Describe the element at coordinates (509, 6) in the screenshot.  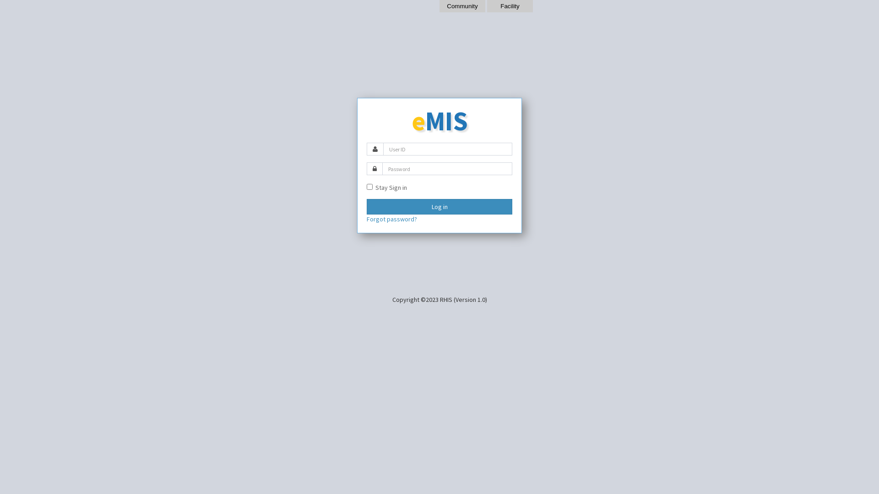
I see `'Facility'` at that location.